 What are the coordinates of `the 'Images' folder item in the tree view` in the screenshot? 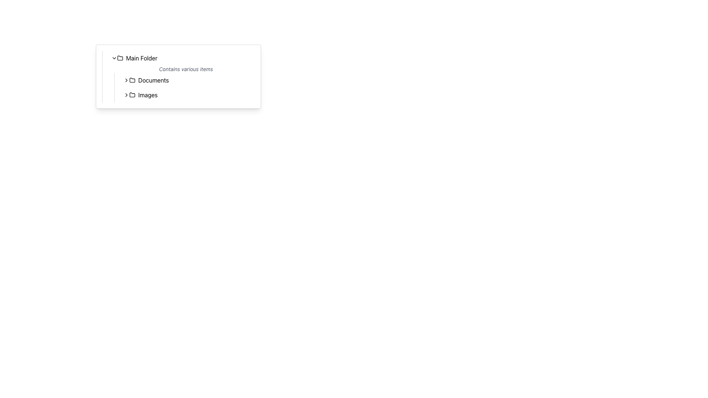 It's located at (184, 95).